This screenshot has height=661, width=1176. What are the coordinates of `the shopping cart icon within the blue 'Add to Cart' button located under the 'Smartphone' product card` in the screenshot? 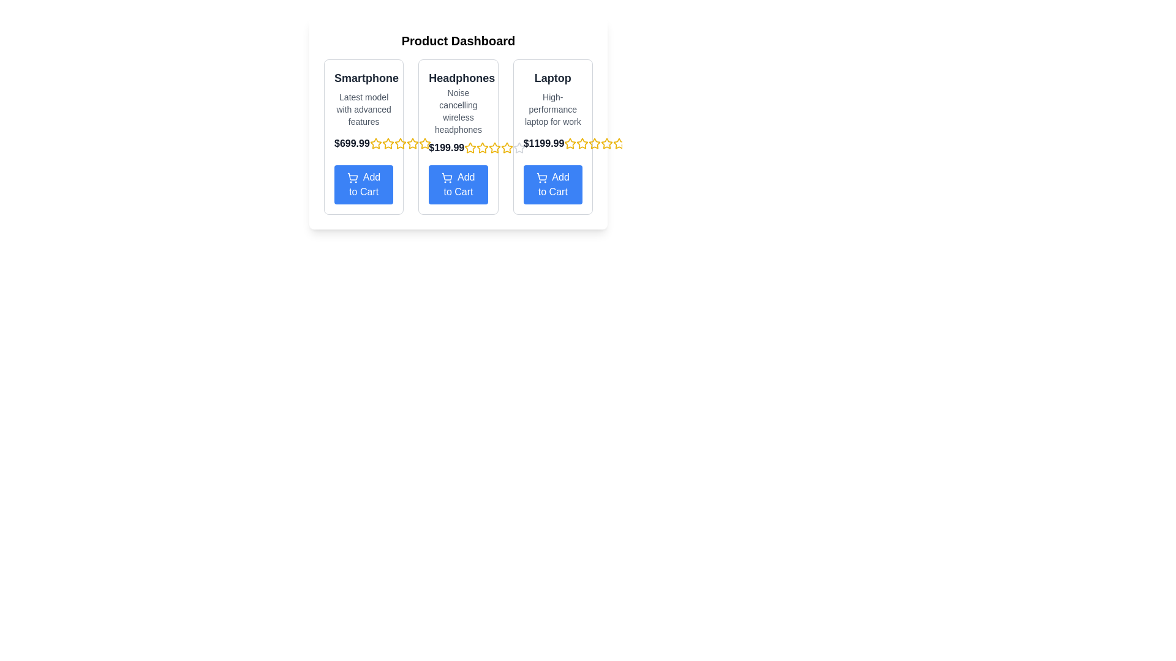 It's located at (352, 176).